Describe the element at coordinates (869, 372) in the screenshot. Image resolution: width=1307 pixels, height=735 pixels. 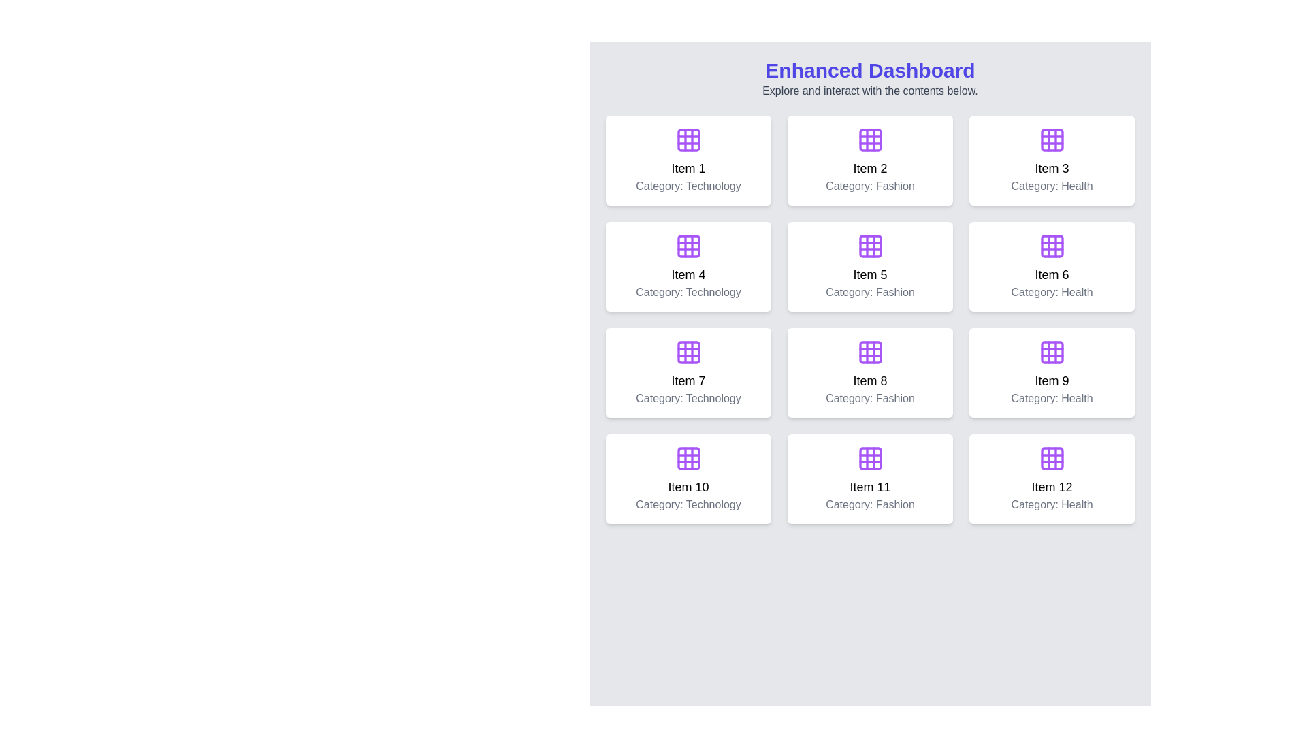
I see `the Fashion category card located in the third row and second column of the 4x3 grid layout` at that location.